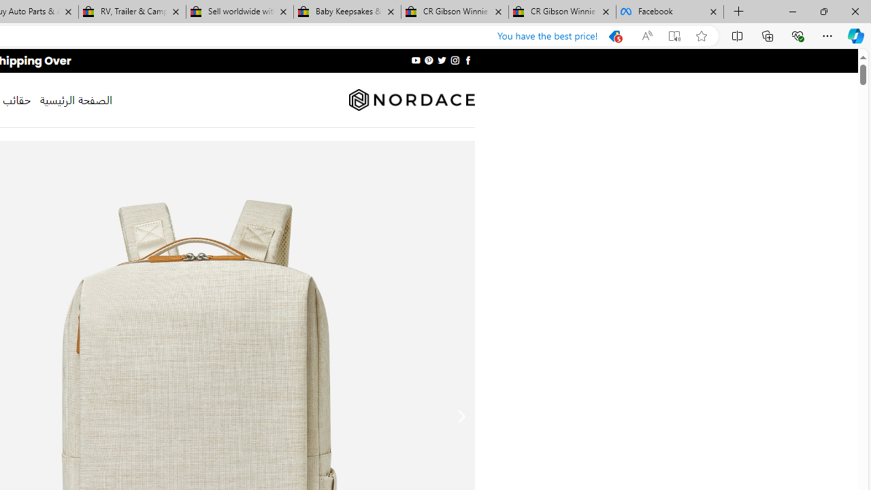 This screenshot has height=490, width=871. Describe the element at coordinates (415, 60) in the screenshot. I see `'Follow on YouTube'` at that location.